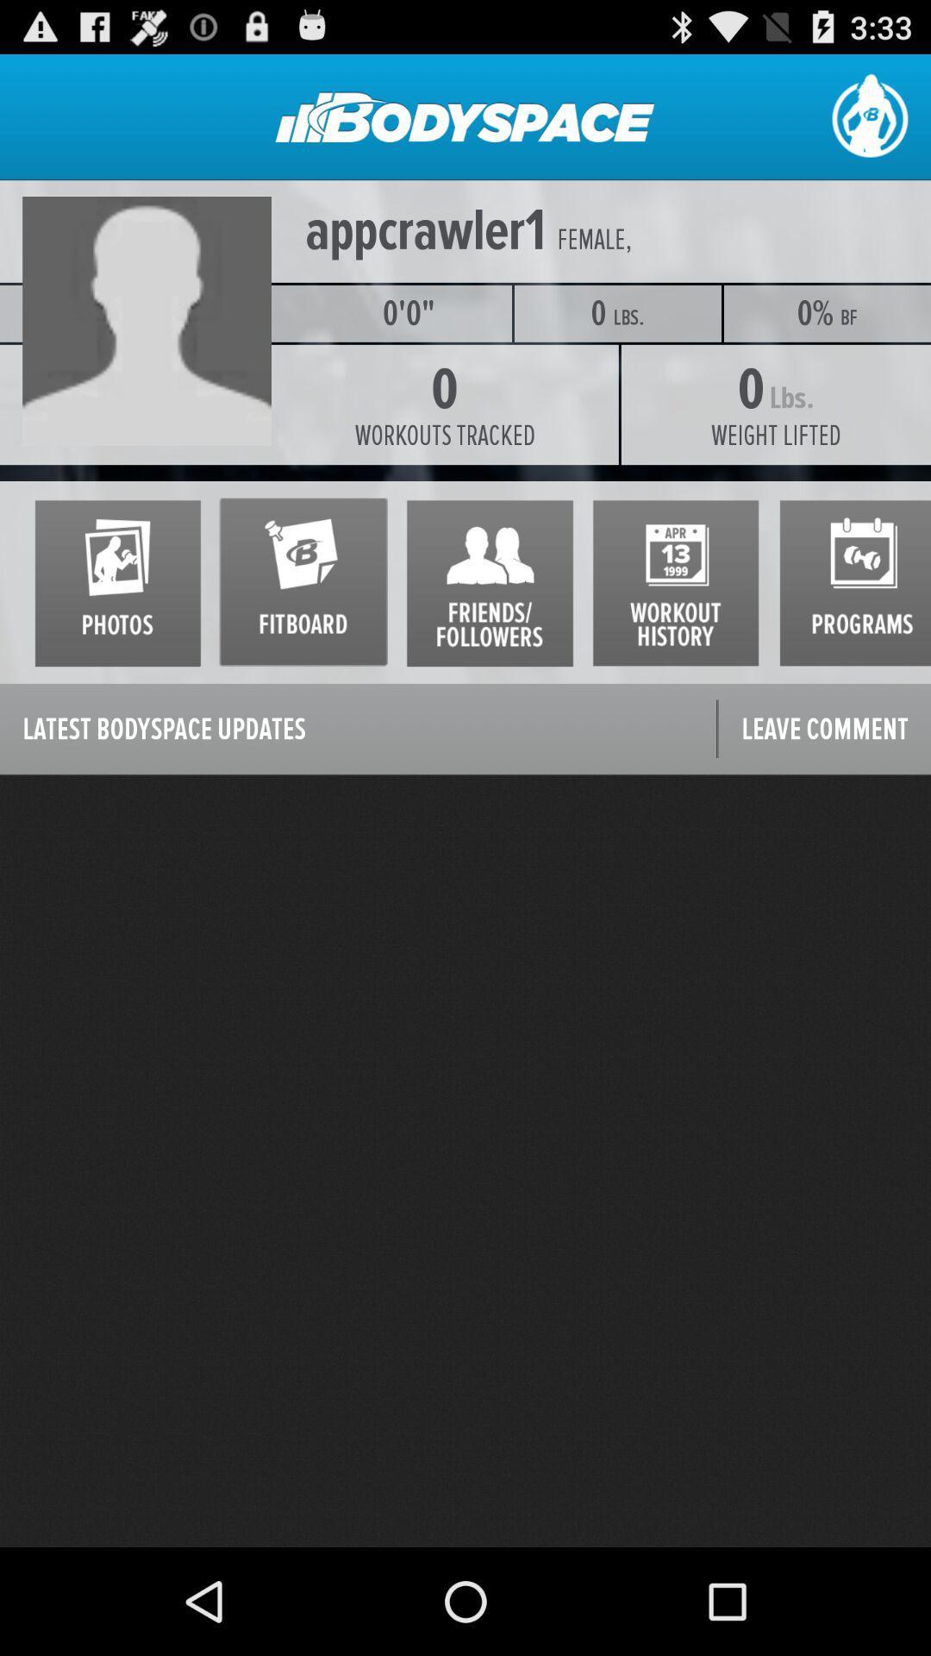 The image size is (931, 1656). Describe the element at coordinates (590, 239) in the screenshot. I see `the icon next to the , icon` at that location.